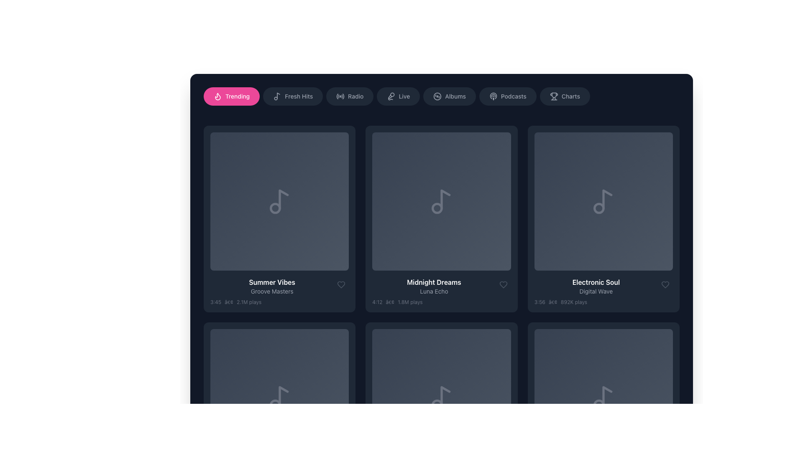 This screenshot has height=451, width=803. I want to click on song information displayed in the text component, which includes the title 'Summer Vibes', the subtitle 'Groove Masters', the duration '3:45', and '2.1M plays', so click(279, 291).